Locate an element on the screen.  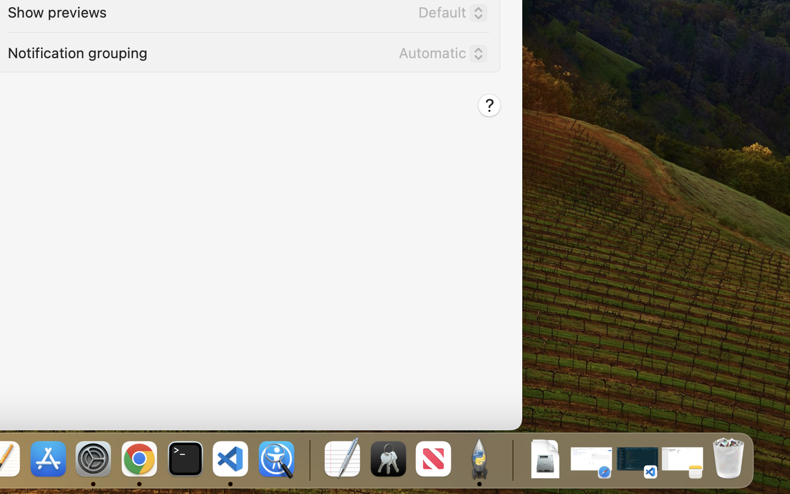
'Default' is located at coordinates (448, 14).